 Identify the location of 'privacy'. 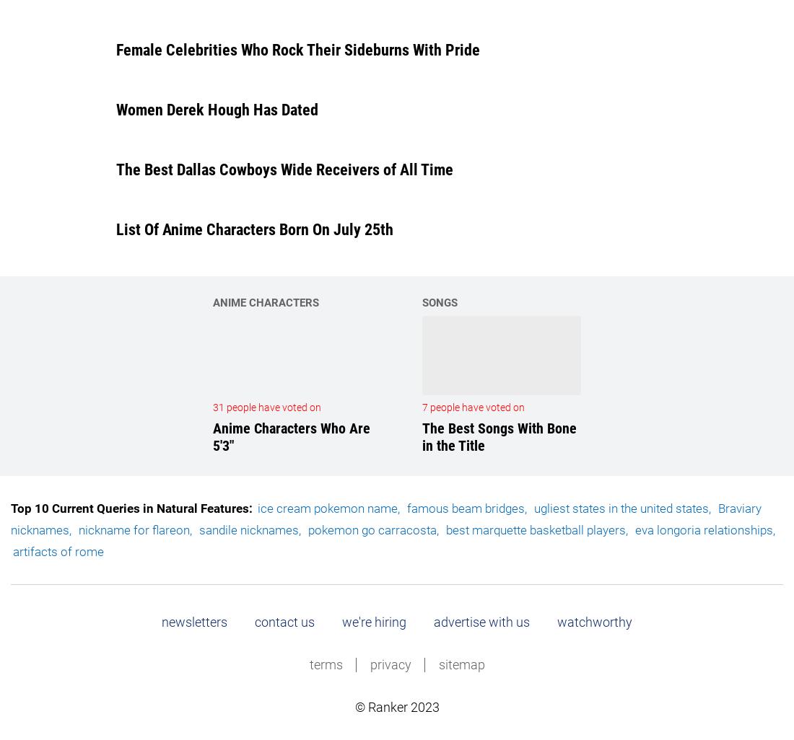
(390, 663).